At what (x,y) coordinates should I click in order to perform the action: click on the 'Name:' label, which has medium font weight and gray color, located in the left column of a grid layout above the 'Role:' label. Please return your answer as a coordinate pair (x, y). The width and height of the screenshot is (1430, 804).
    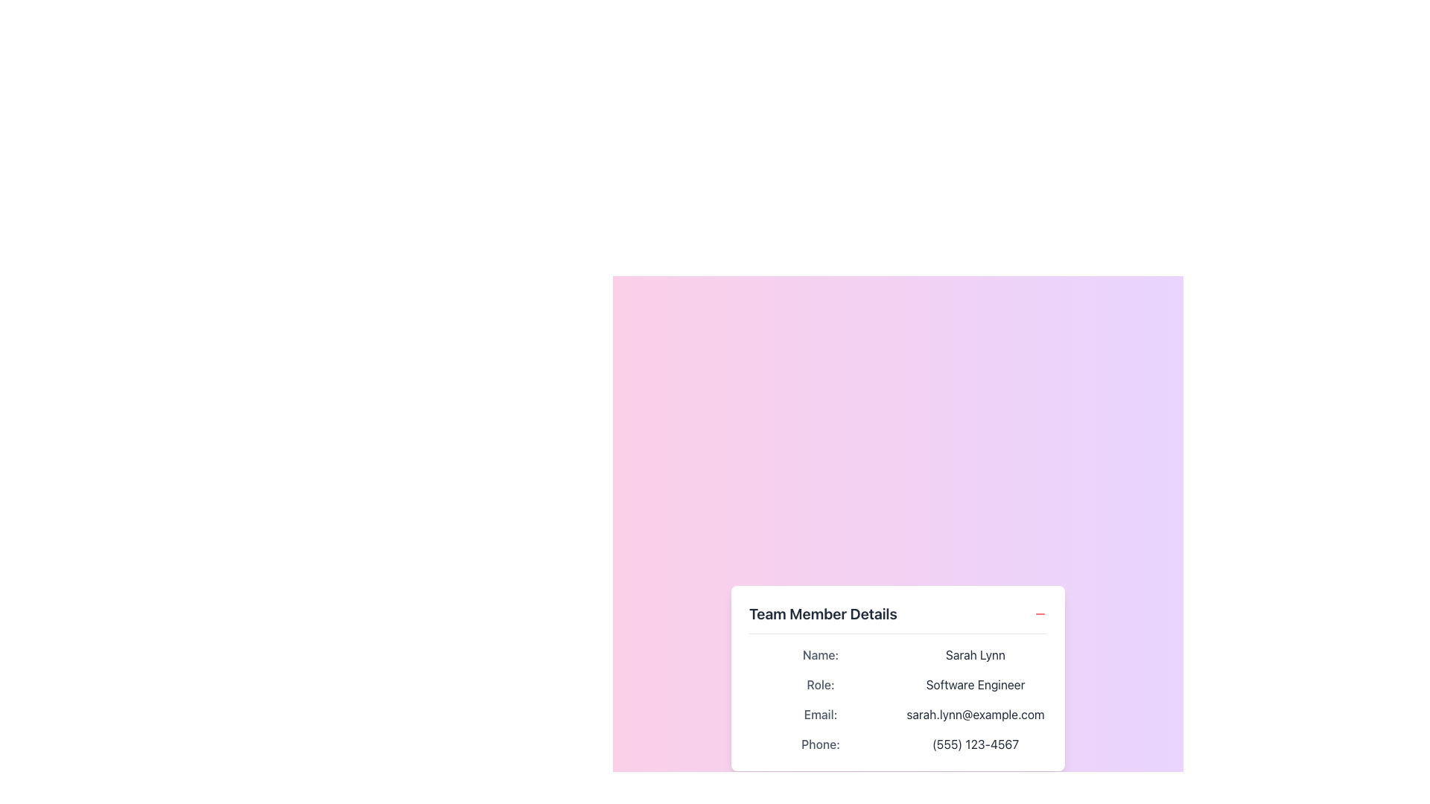
    Looking at the image, I should click on (820, 654).